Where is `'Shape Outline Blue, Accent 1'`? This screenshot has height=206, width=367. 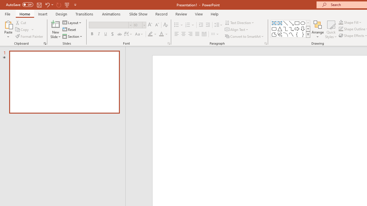 'Shape Outline Blue, Accent 1' is located at coordinates (341, 29).